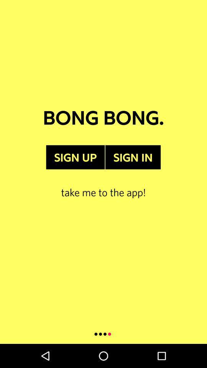 The image size is (207, 368). I want to click on sign up item, so click(75, 157).